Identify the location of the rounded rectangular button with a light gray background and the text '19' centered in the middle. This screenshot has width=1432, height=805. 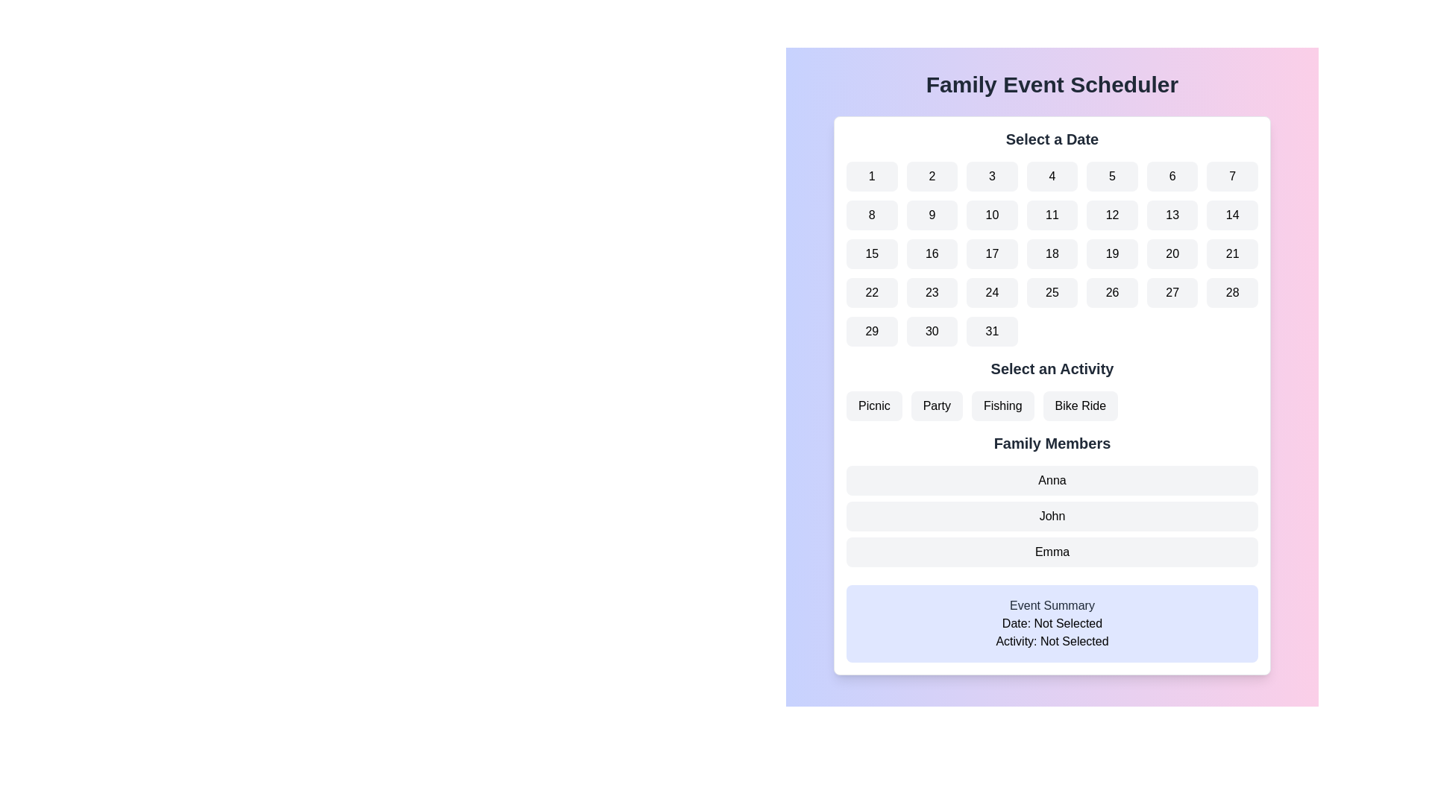
(1112, 253).